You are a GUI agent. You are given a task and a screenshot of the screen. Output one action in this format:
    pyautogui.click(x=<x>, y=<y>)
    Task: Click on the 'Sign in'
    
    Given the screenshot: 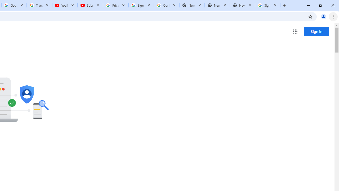 What is the action you would take?
    pyautogui.click(x=316, y=31)
    